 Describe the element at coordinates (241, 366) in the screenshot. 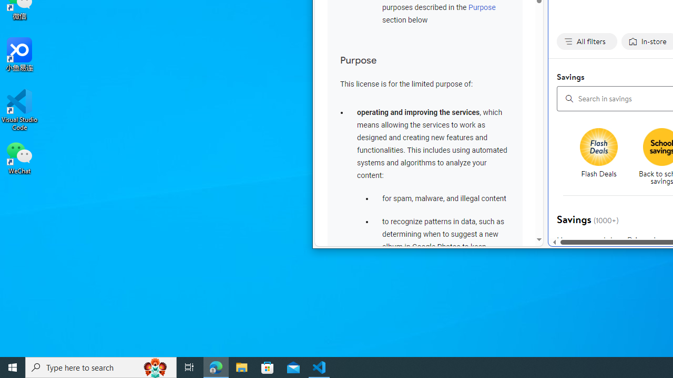

I see `'File Explorer'` at that location.